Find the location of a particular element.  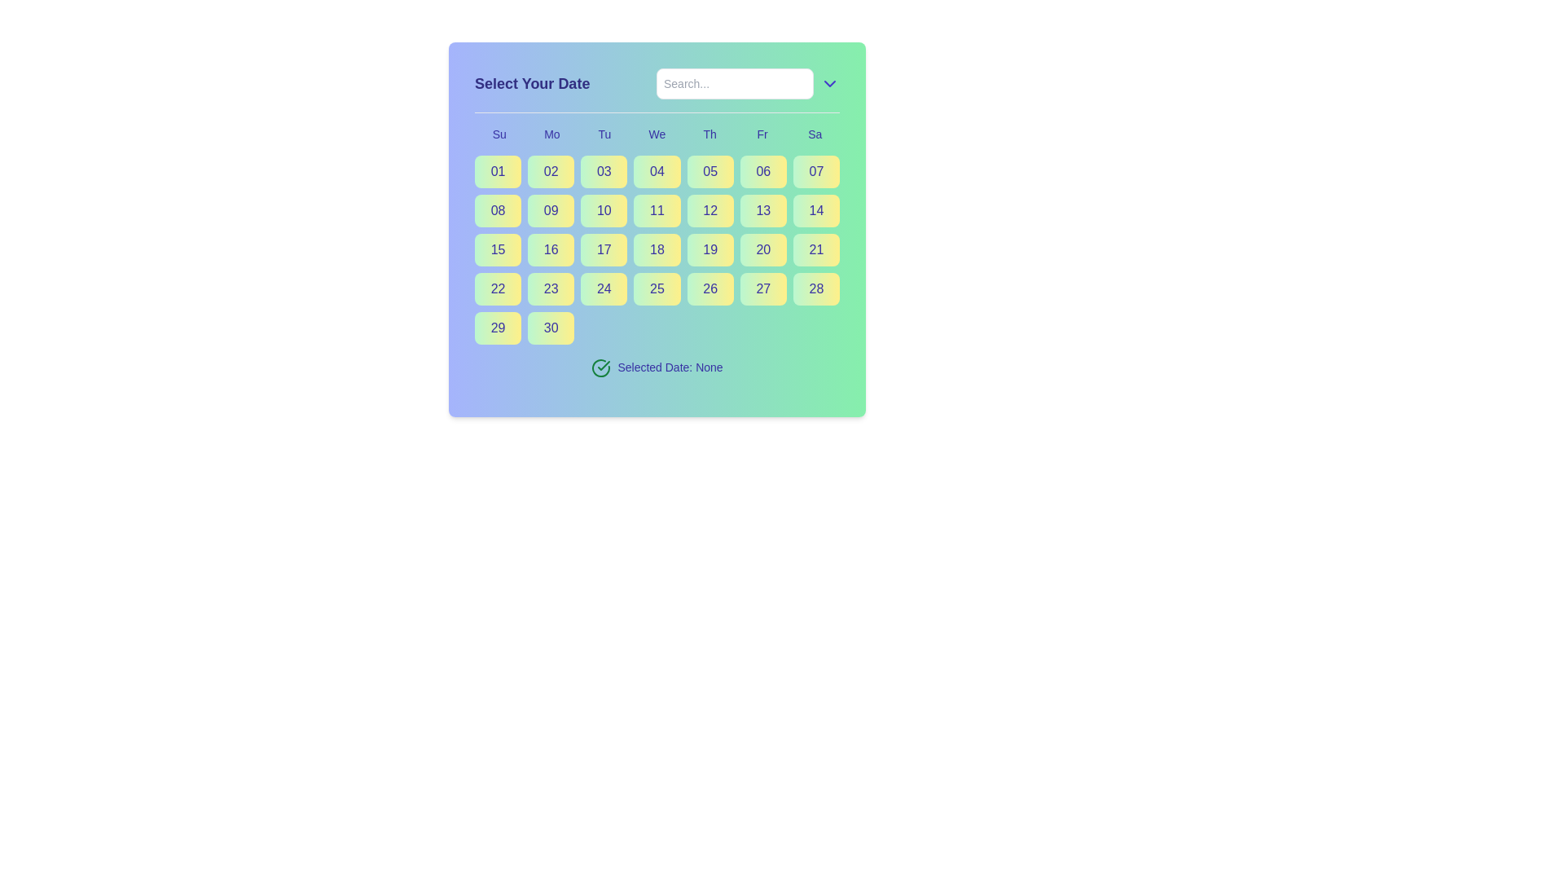

the button labeled '21' with a gradient background transitioning from green to yellow to trigger the visual hover effect is located at coordinates (816, 250).